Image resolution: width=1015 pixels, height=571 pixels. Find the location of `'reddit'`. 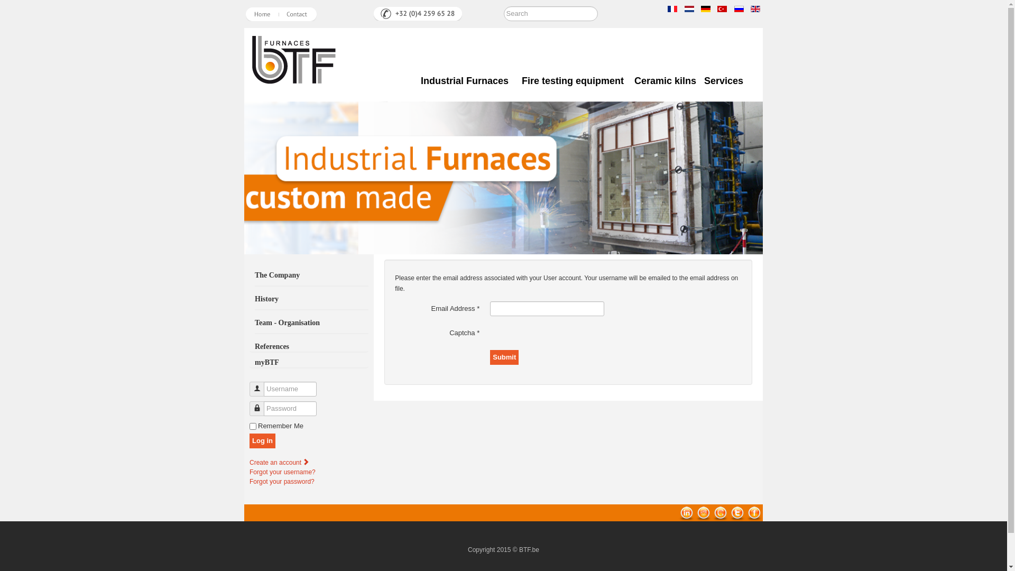

'reddit' is located at coordinates (703, 512).